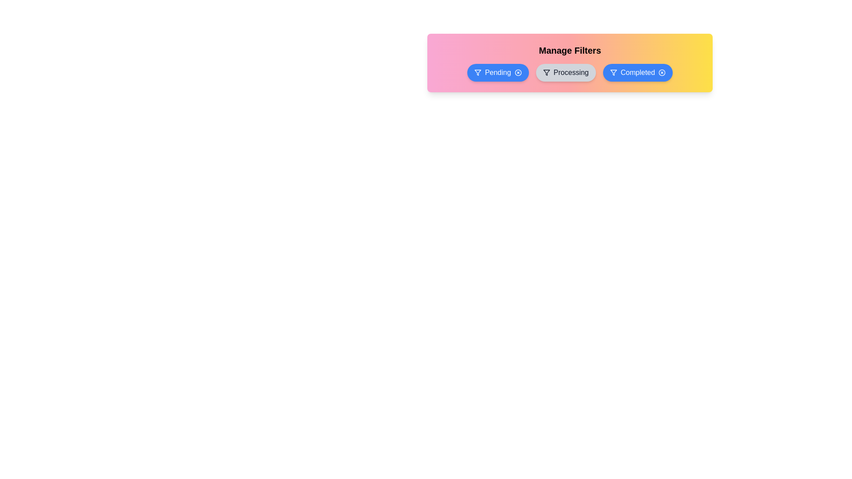  What do you see at coordinates (637, 72) in the screenshot?
I see `the filter Completed to observe the hover effect` at bounding box center [637, 72].